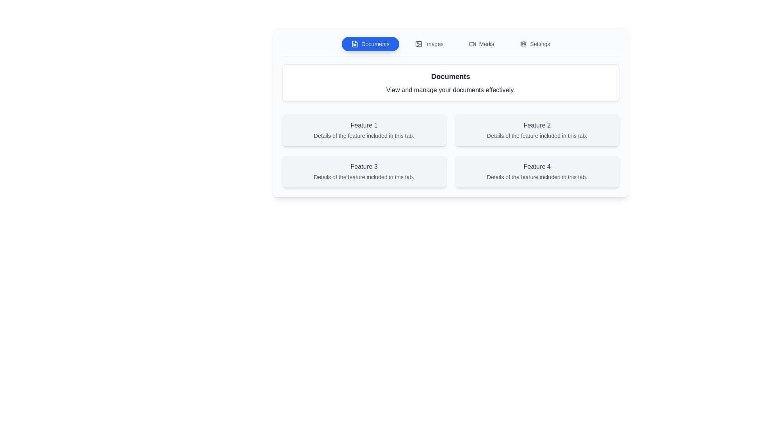  What do you see at coordinates (472, 44) in the screenshot?
I see `the video camera icon in the navigation menu bar` at bounding box center [472, 44].